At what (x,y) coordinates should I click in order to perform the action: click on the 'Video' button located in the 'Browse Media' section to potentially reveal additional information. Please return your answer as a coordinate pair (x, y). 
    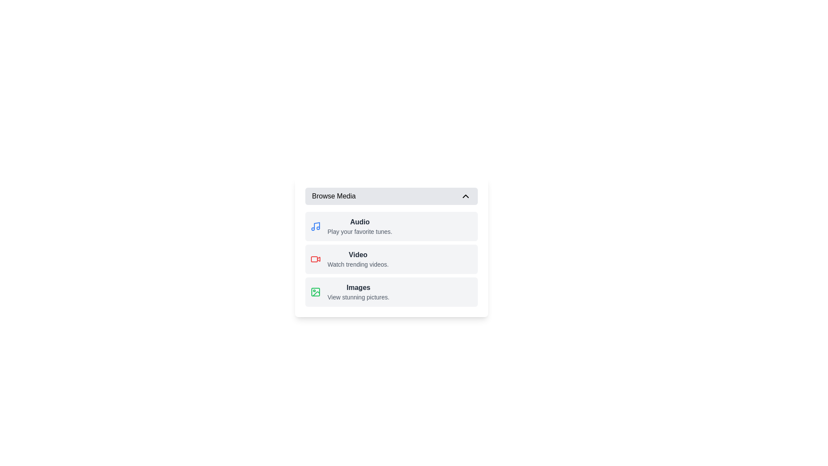
    Looking at the image, I should click on (391, 259).